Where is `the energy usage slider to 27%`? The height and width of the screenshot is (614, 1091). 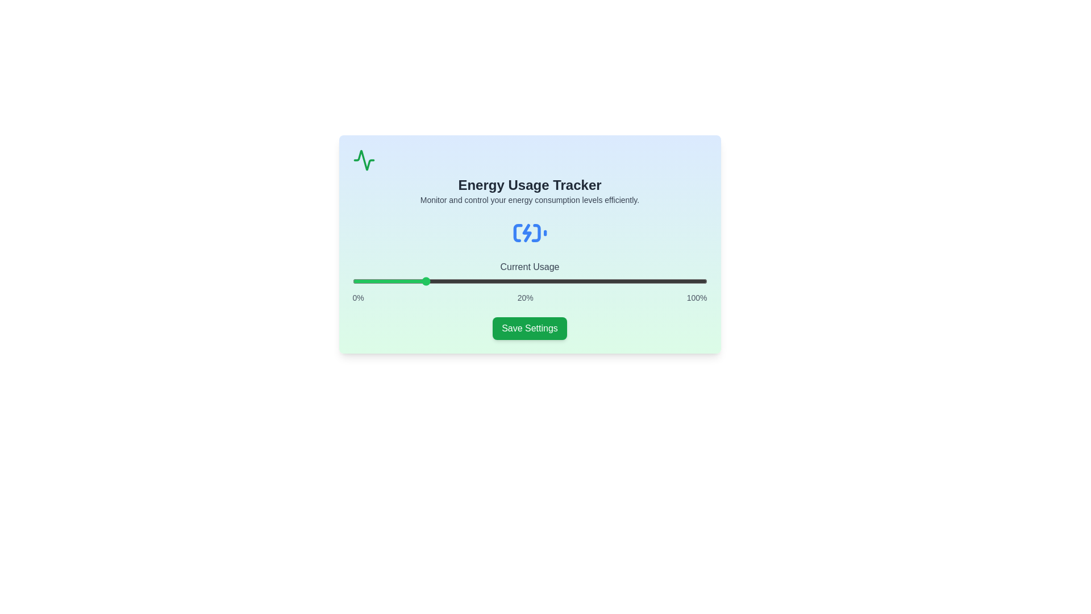
the energy usage slider to 27% is located at coordinates (447, 281).